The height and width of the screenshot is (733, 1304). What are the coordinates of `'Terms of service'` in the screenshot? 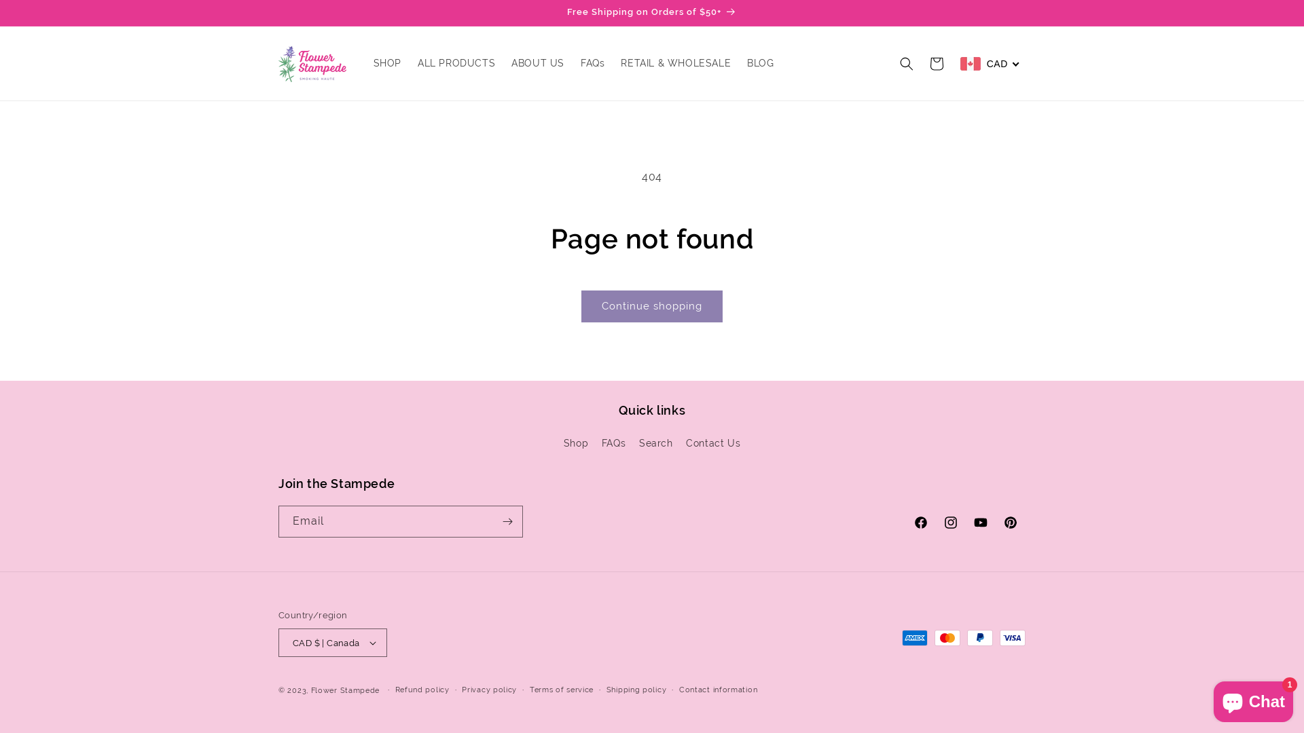 It's located at (561, 690).